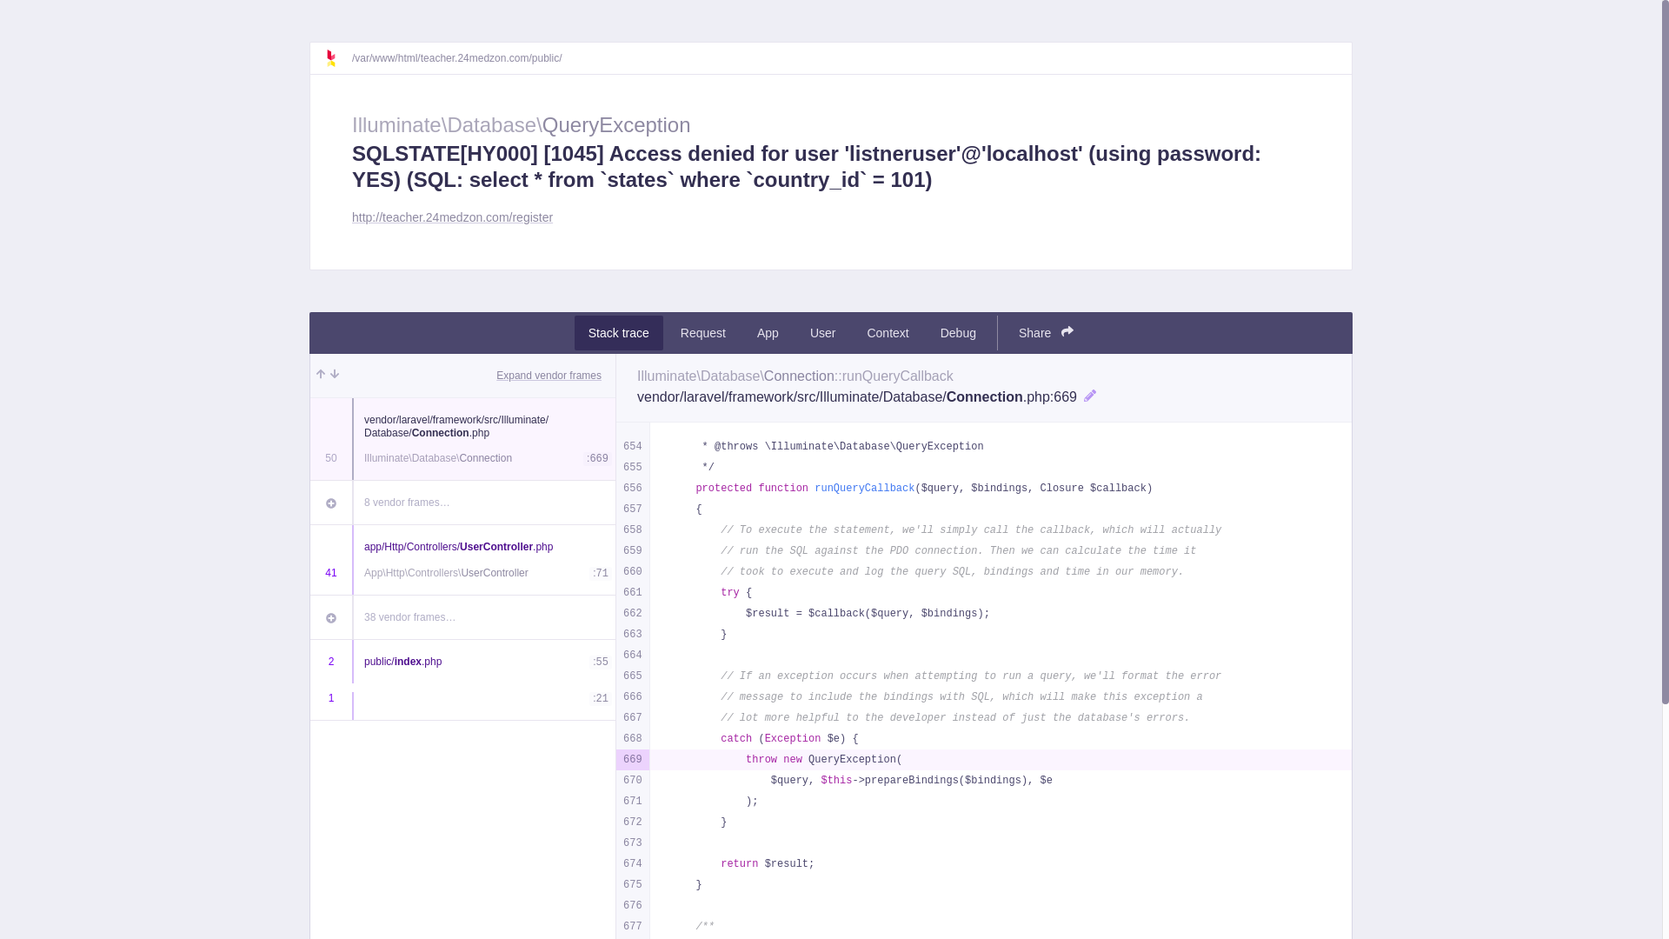 The width and height of the screenshot is (1669, 939). I want to click on 'Request', so click(666, 332).